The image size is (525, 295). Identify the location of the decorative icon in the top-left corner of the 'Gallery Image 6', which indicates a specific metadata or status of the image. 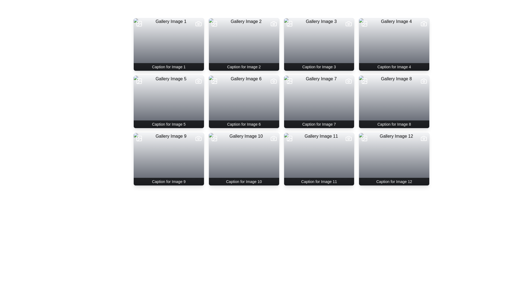
(214, 82).